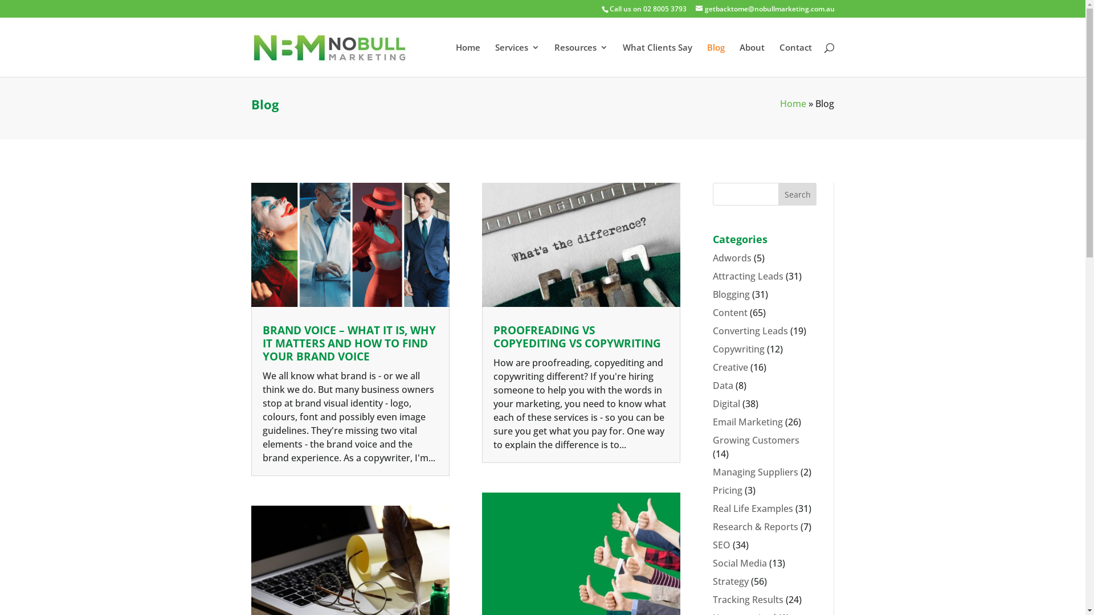  Describe the element at coordinates (712, 508) in the screenshot. I see `'Real Life Examples'` at that location.